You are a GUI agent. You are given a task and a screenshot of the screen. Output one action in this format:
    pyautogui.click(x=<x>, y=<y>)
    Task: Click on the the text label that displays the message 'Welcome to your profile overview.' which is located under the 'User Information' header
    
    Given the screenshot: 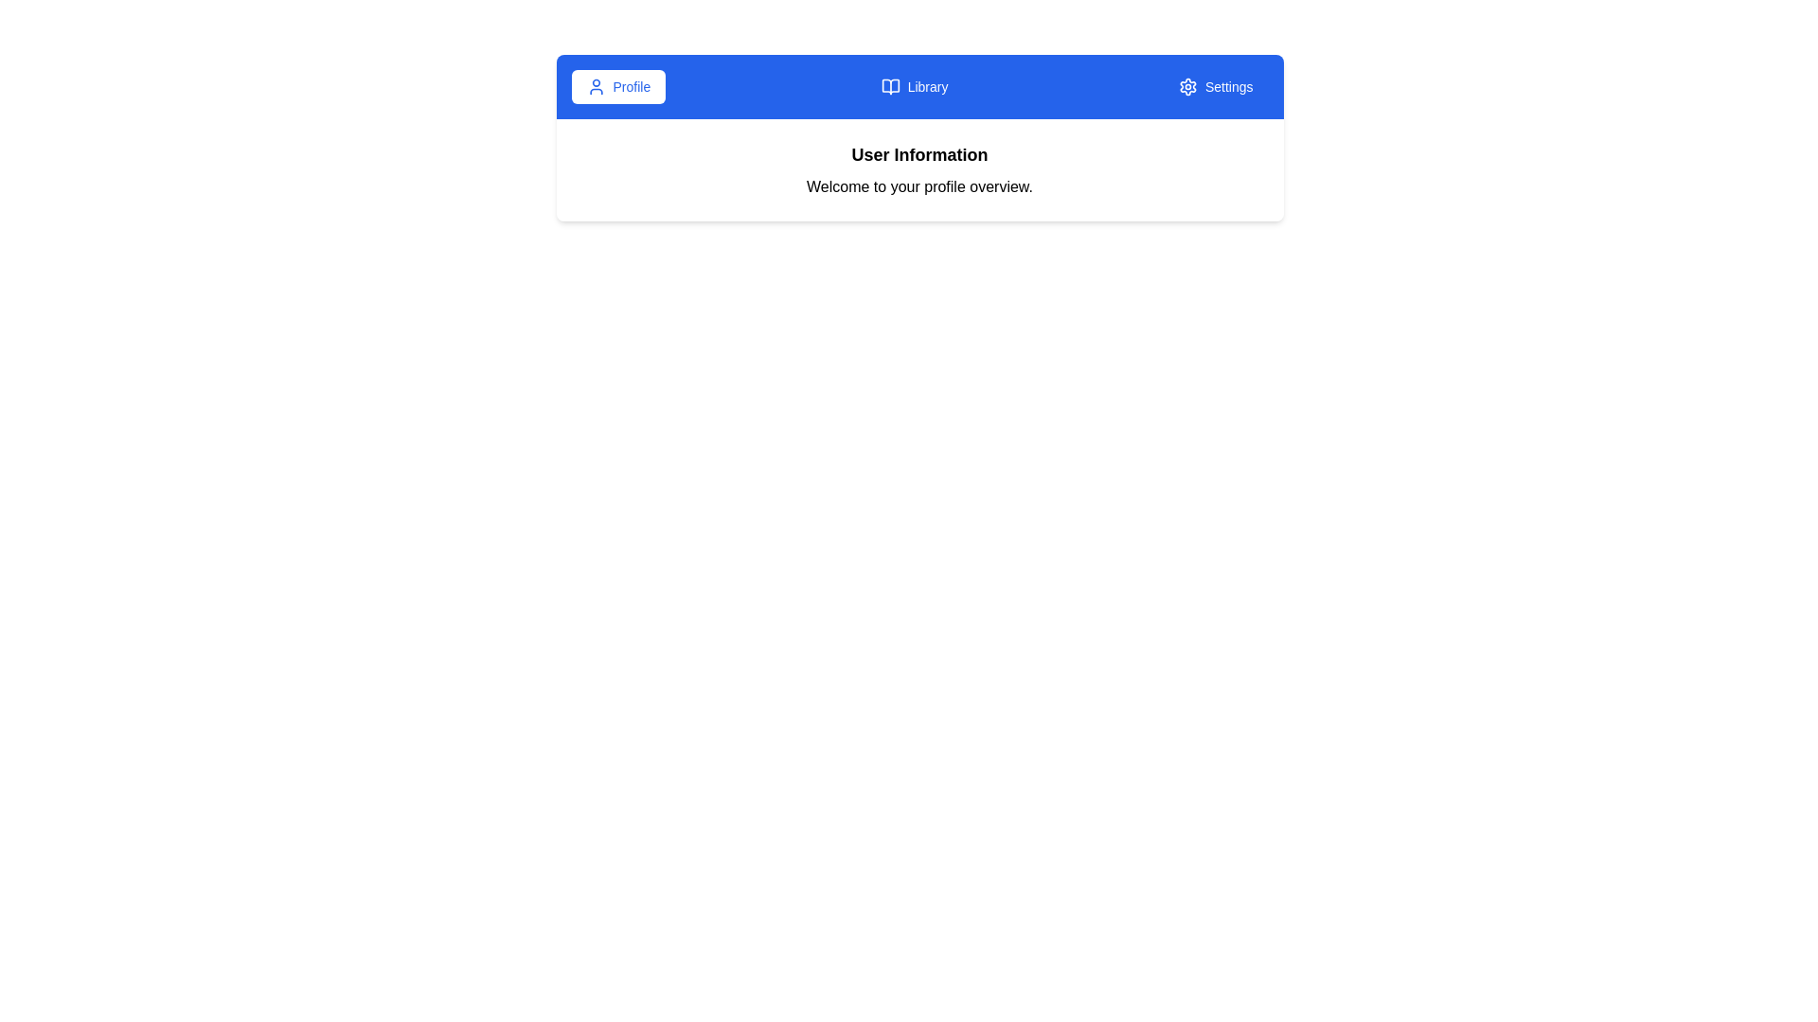 What is the action you would take?
    pyautogui.click(x=919, y=186)
    